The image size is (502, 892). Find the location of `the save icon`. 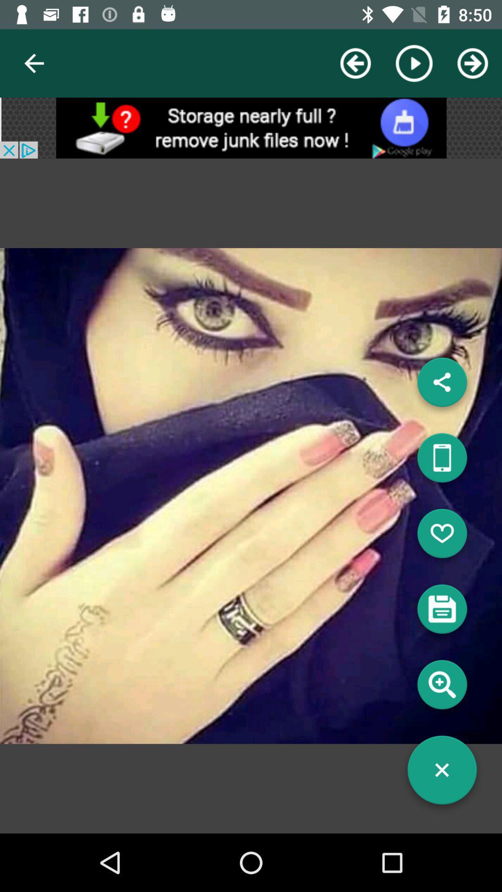

the save icon is located at coordinates (442, 612).